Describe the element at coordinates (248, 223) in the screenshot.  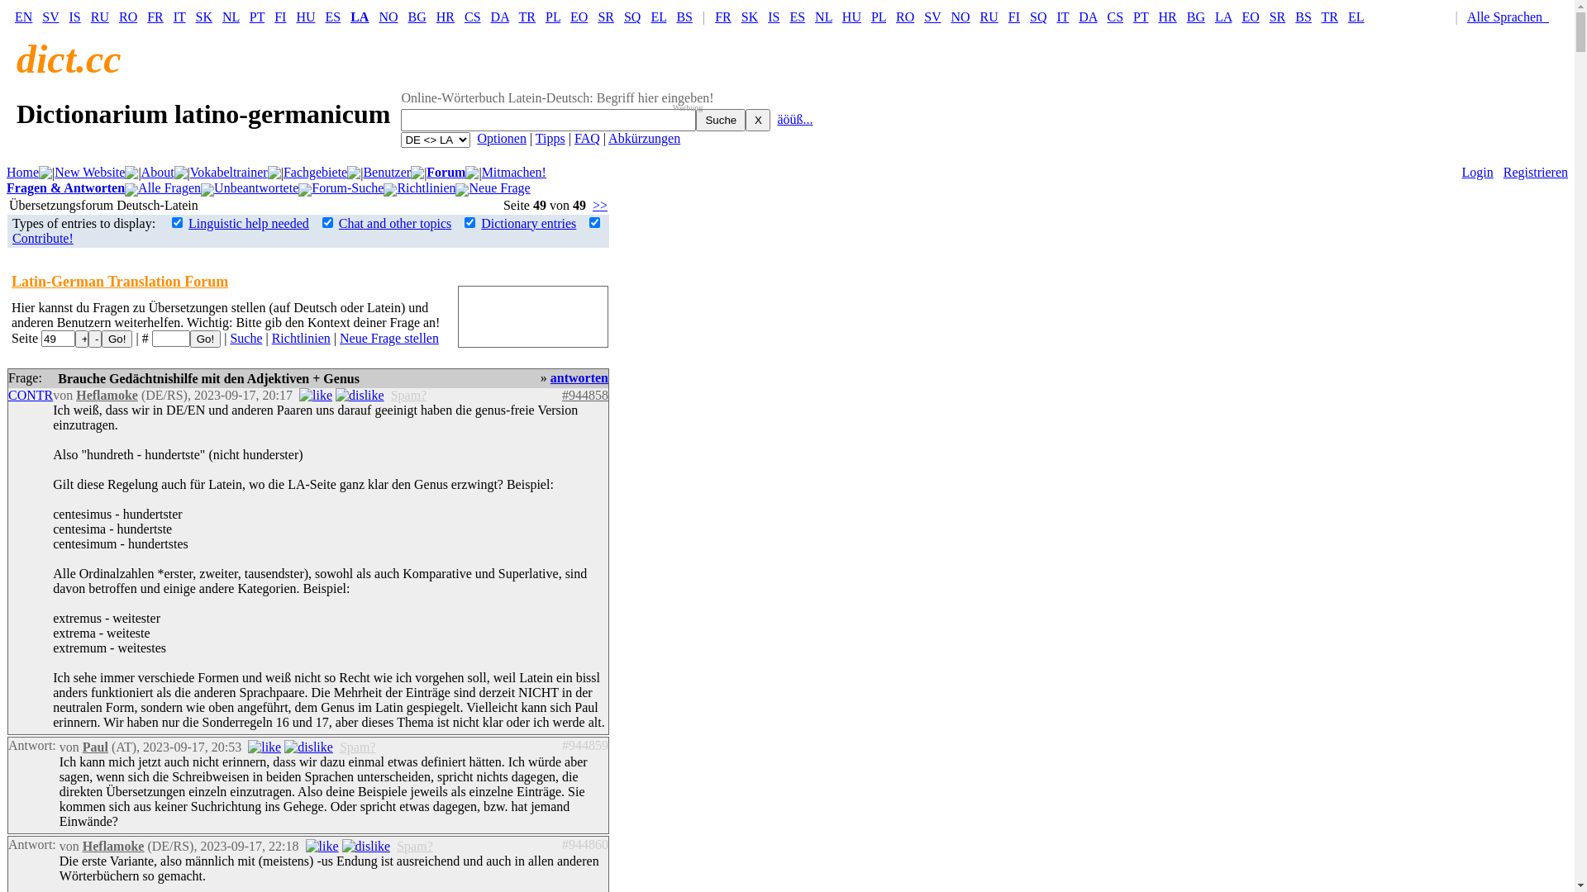
I see `'Linguistic help needed'` at that location.